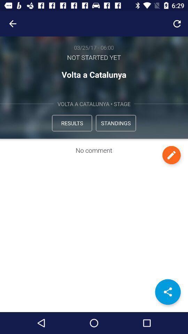  What do you see at coordinates (171, 155) in the screenshot?
I see `compose a comment` at bounding box center [171, 155].